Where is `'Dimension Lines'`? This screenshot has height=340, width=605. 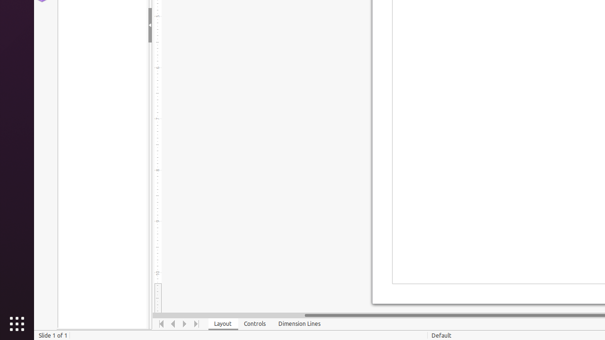
'Dimension Lines' is located at coordinates (299, 323).